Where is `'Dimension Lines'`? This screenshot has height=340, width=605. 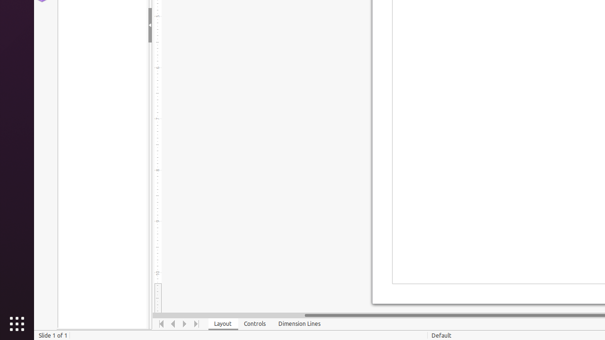
'Dimension Lines' is located at coordinates (299, 323).